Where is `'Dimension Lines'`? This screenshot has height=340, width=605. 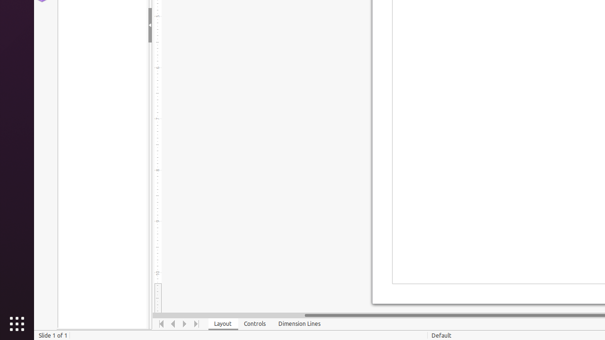
'Dimension Lines' is located at coordinates (299, 323).